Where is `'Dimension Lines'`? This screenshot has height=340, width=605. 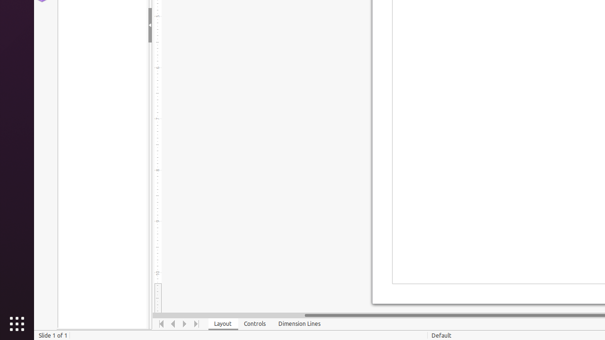
'Dimension Lines' is located at coordinates (299, 323).